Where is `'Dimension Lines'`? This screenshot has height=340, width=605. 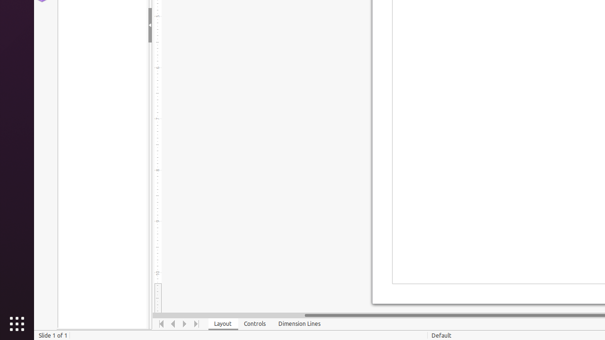
'Dimension Lines' is located at coordinates (299, 323).